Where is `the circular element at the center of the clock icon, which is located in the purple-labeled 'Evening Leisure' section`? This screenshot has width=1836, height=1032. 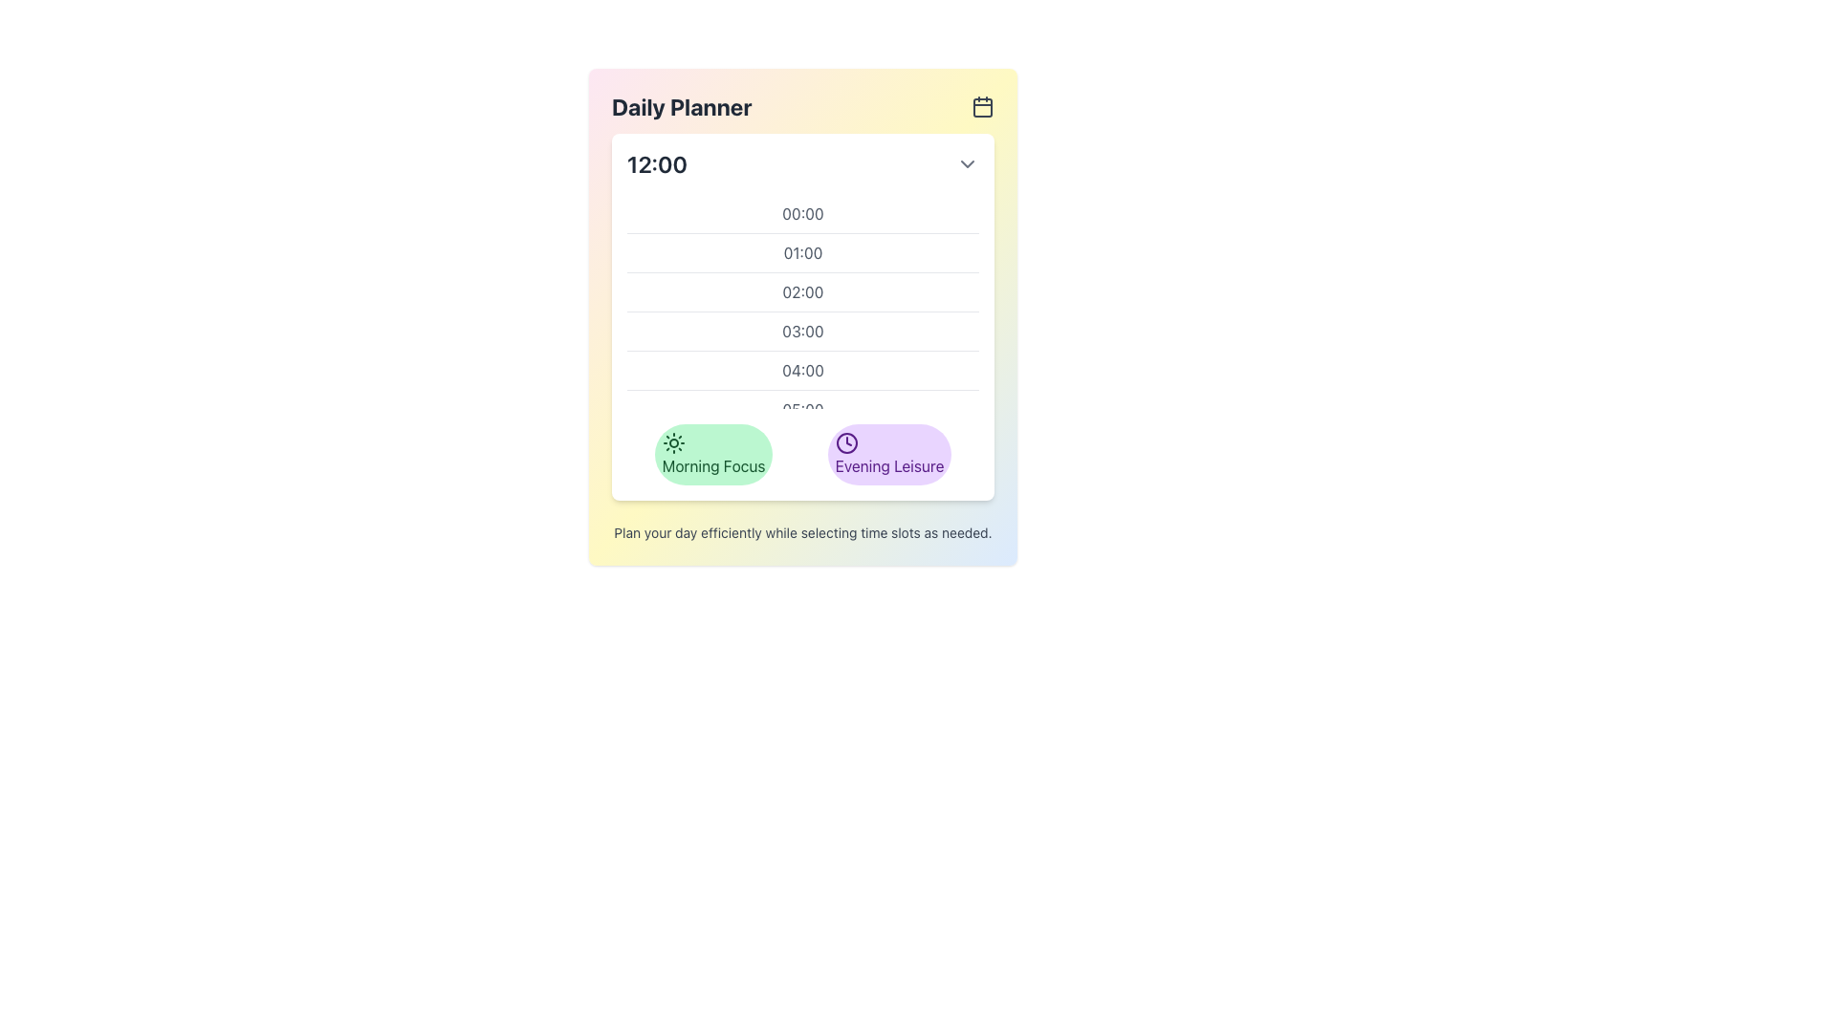 the circular element at the center of the clock icon, which is located in the purple-labeled 'Evening Leisure' section is located at coordinates (845, 442).